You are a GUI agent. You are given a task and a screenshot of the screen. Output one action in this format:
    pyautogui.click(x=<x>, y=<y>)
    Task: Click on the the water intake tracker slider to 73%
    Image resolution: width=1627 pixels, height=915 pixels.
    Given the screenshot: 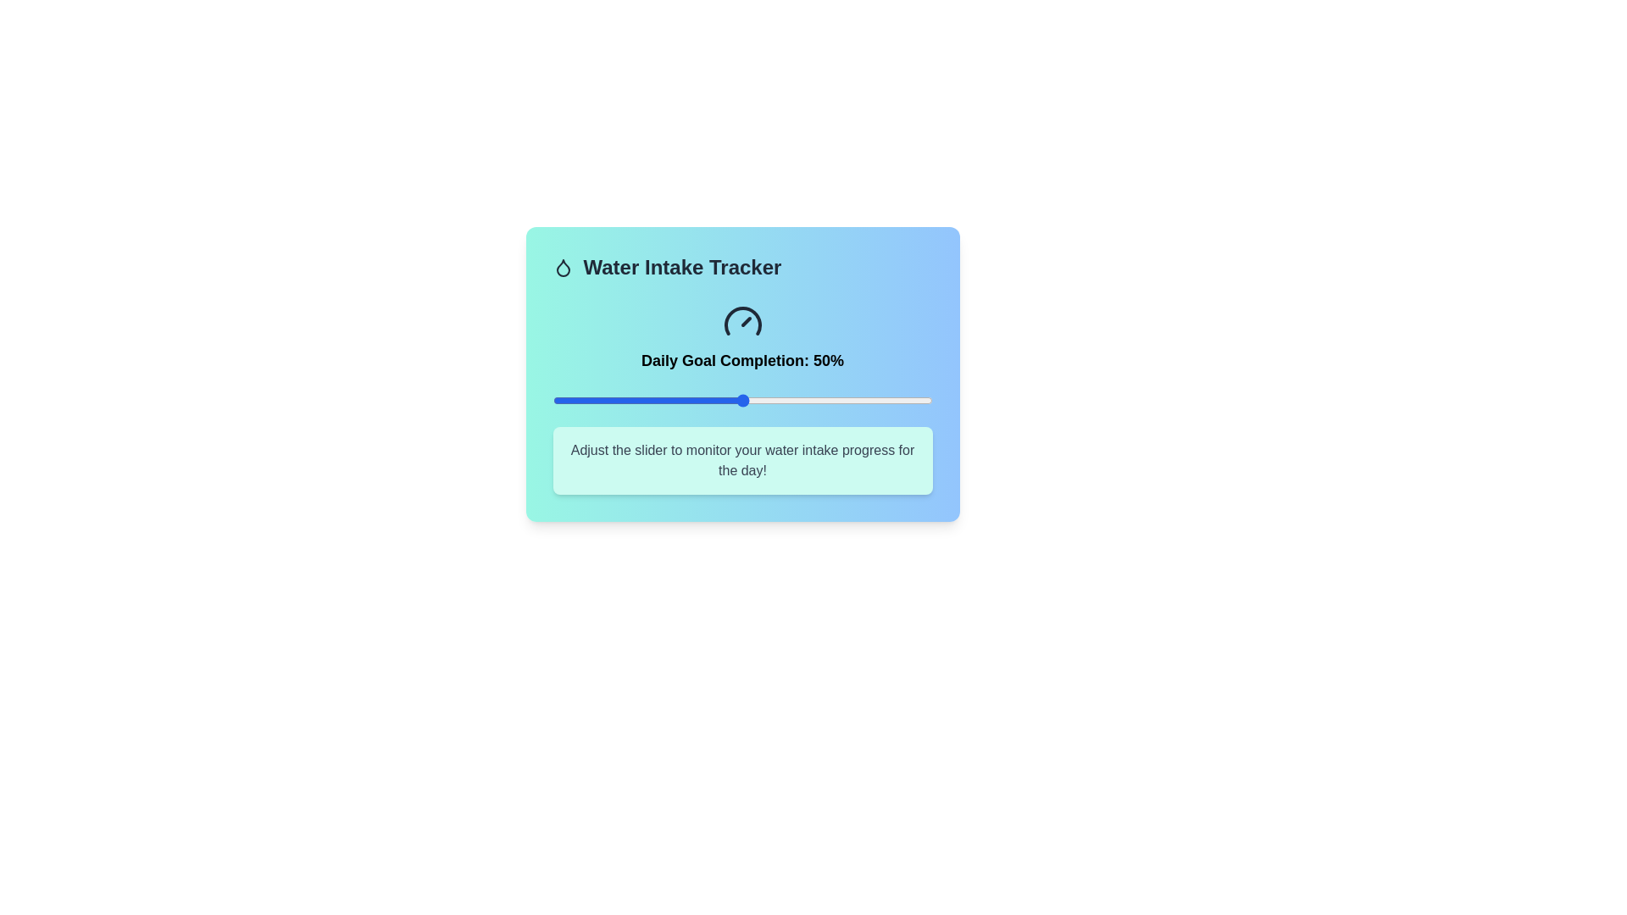 What is the action you would take?
    pyautogui.click(x=830, y=401)
    